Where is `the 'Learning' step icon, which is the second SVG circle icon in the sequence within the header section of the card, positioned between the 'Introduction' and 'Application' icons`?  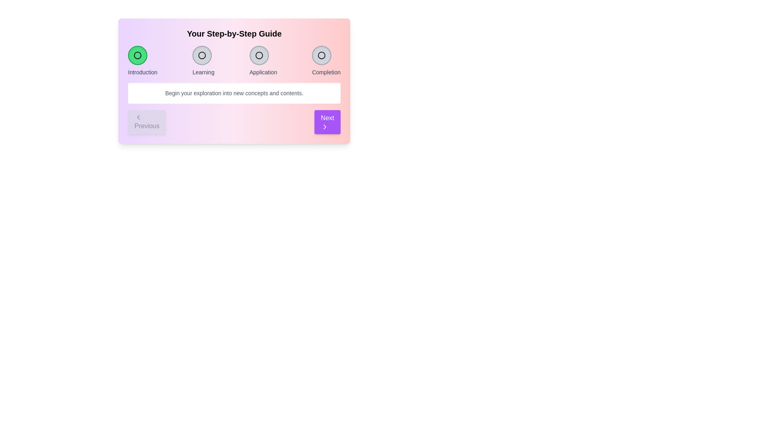
the 'Learning' step icon, which is the second SVG circle icon in the sequence within the header section of the card, positioned between the 'Introduction' and 'Application' icons is located at coordinates (202, 55).